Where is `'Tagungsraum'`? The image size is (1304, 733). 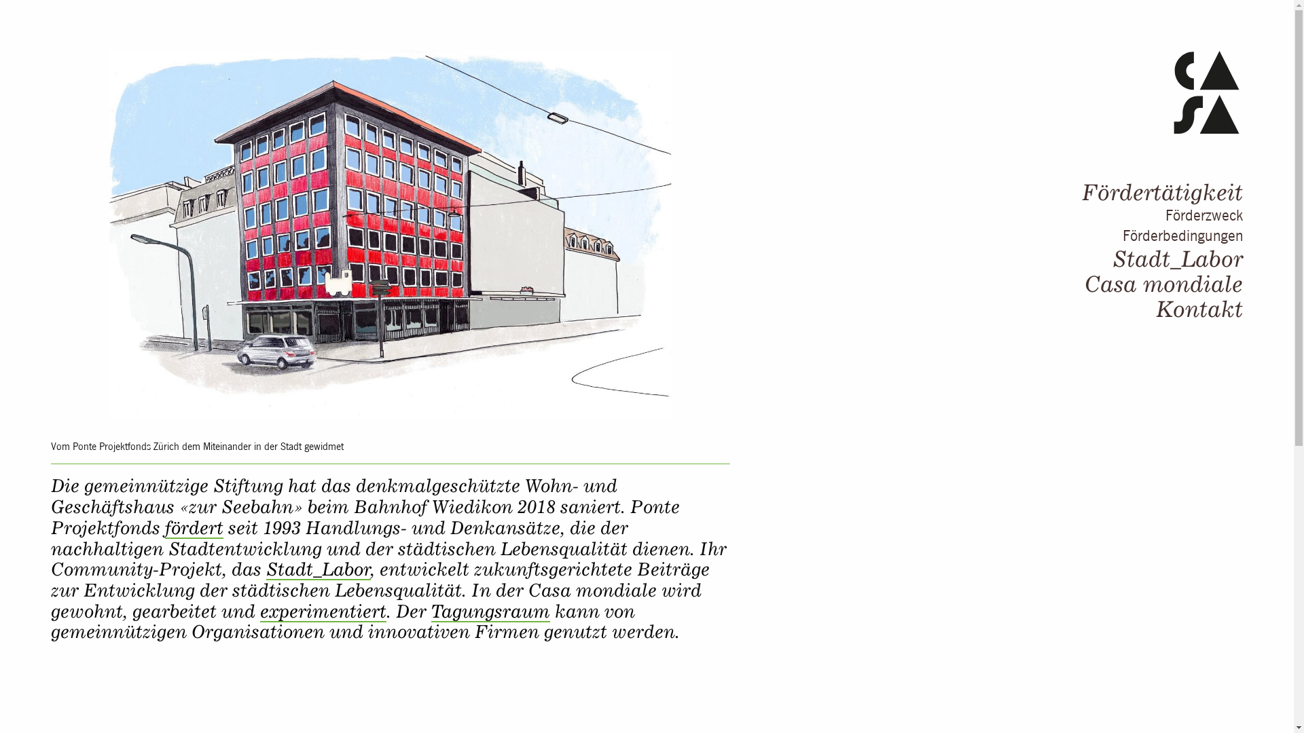 'Tagungsraum' is located at coordinates (490, 612).